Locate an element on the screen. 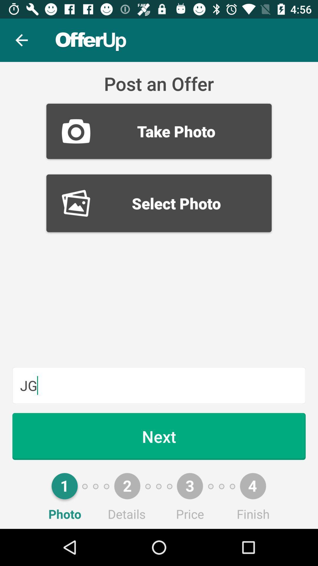  the icon below select photo item is located at coordinates (159, 385).